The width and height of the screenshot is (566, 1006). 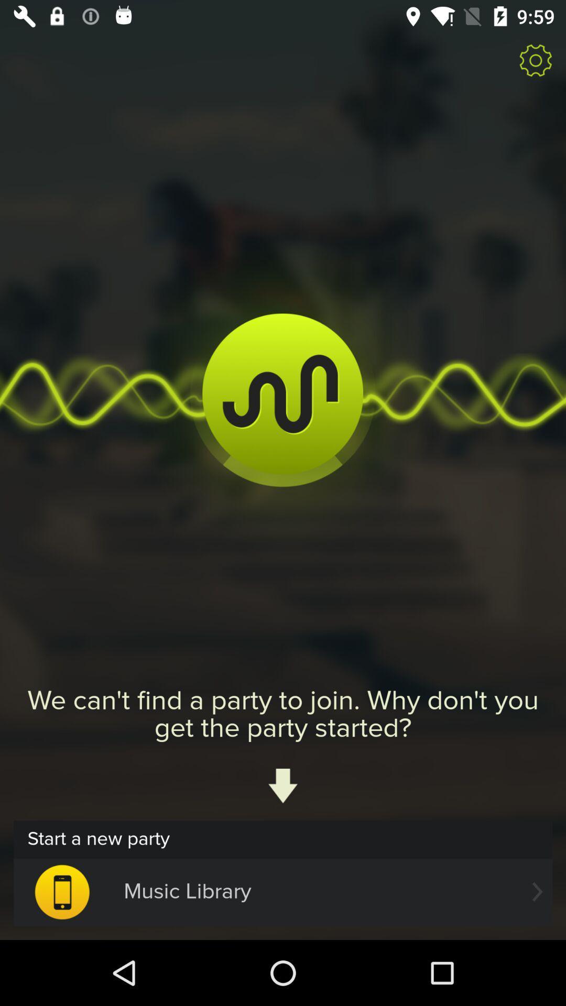 What do you see at coordinates (283, 891) in the screenshot?
I see `item below start a new item` at bounding box center [283, 891].